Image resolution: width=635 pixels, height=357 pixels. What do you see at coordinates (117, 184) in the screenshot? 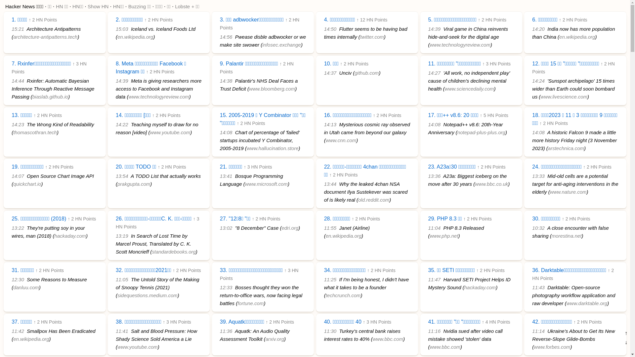
I see `'prakgupta.com'` at bounding box center [117, 184].